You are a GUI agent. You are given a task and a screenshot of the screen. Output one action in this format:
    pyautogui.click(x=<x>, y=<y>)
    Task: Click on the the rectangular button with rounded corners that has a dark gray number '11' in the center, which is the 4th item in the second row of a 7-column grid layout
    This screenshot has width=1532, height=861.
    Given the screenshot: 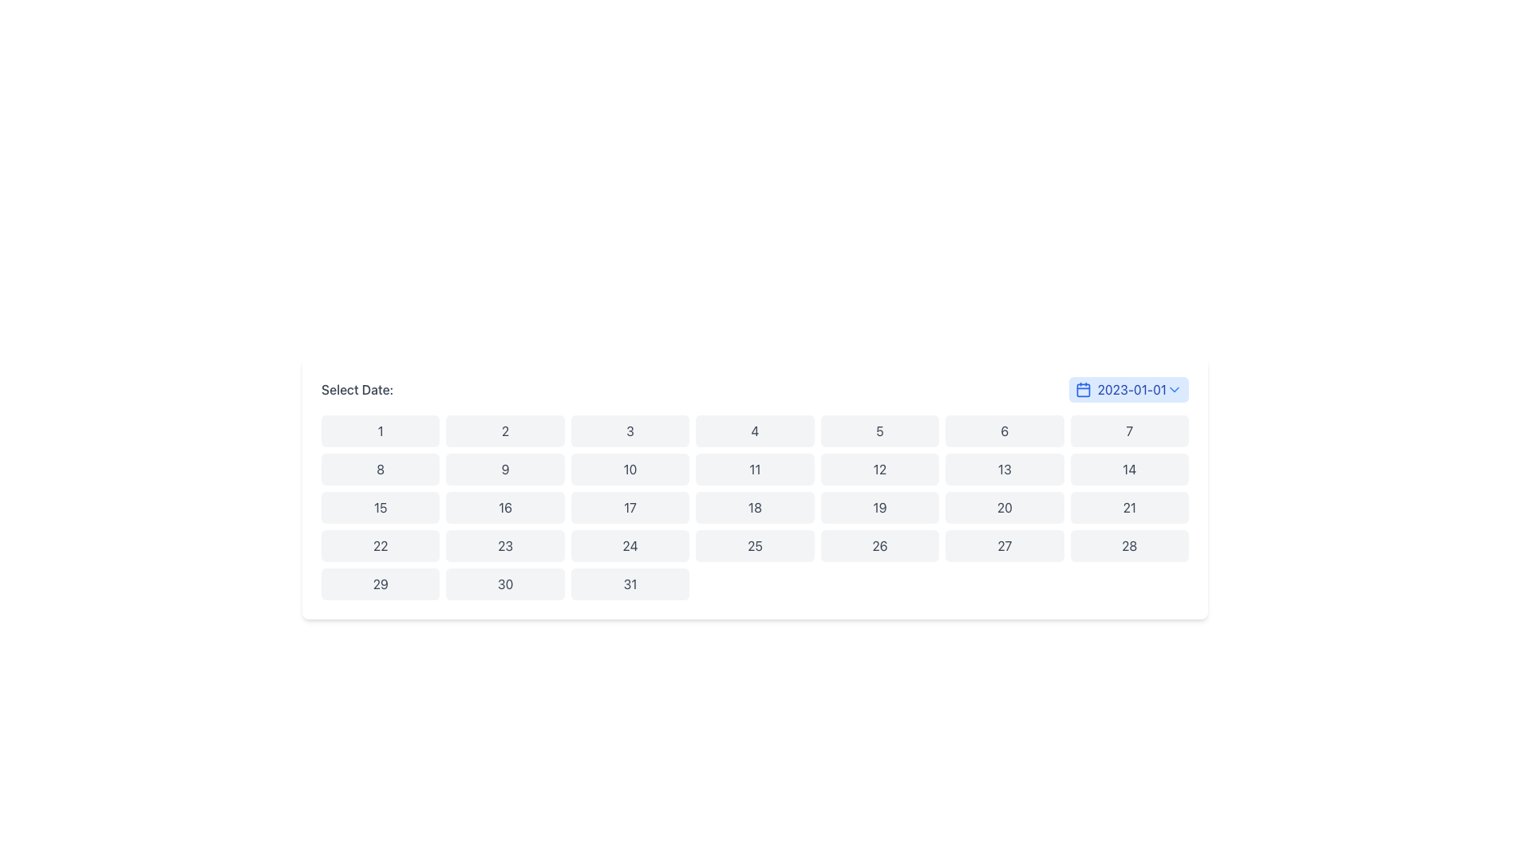 What is the action you would take?
    pyautogui.click(x=754, y=469)
    